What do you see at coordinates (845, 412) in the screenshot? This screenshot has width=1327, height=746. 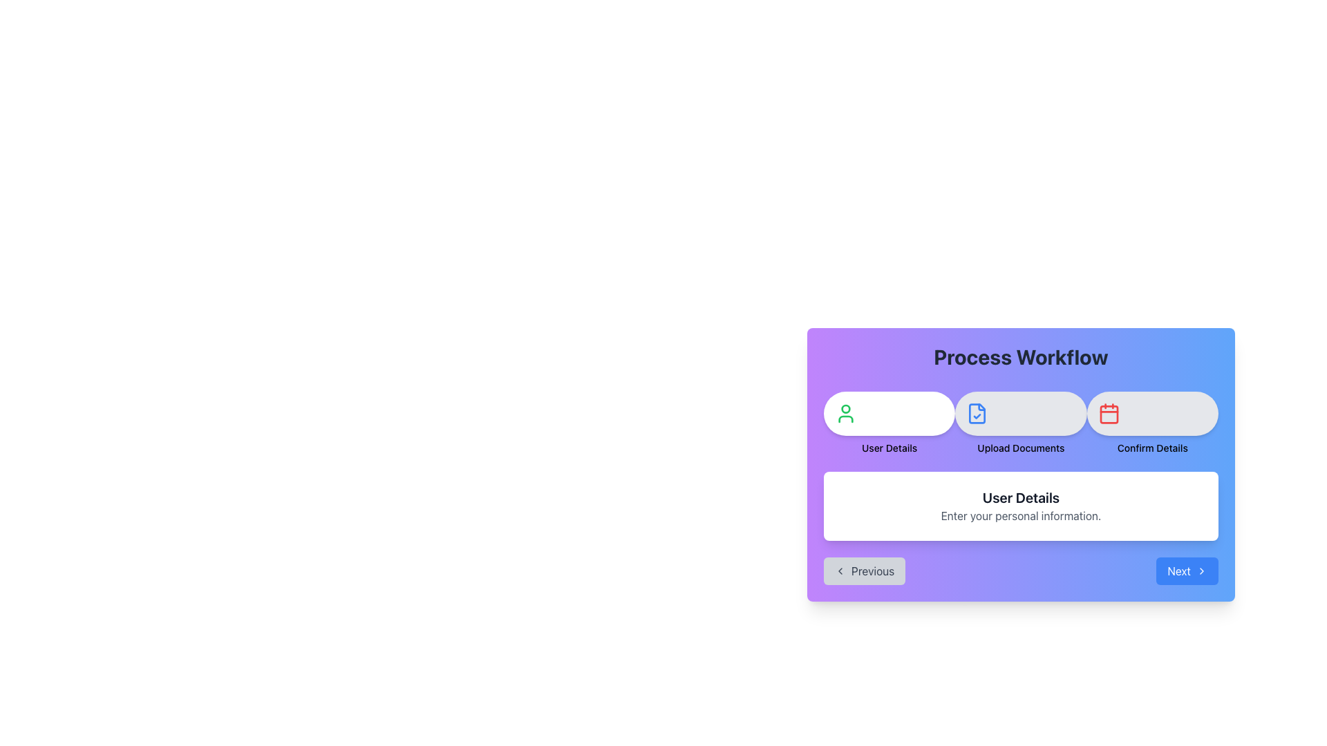 I see `the green 'User Details' icon` at bounding box center [845, 412].